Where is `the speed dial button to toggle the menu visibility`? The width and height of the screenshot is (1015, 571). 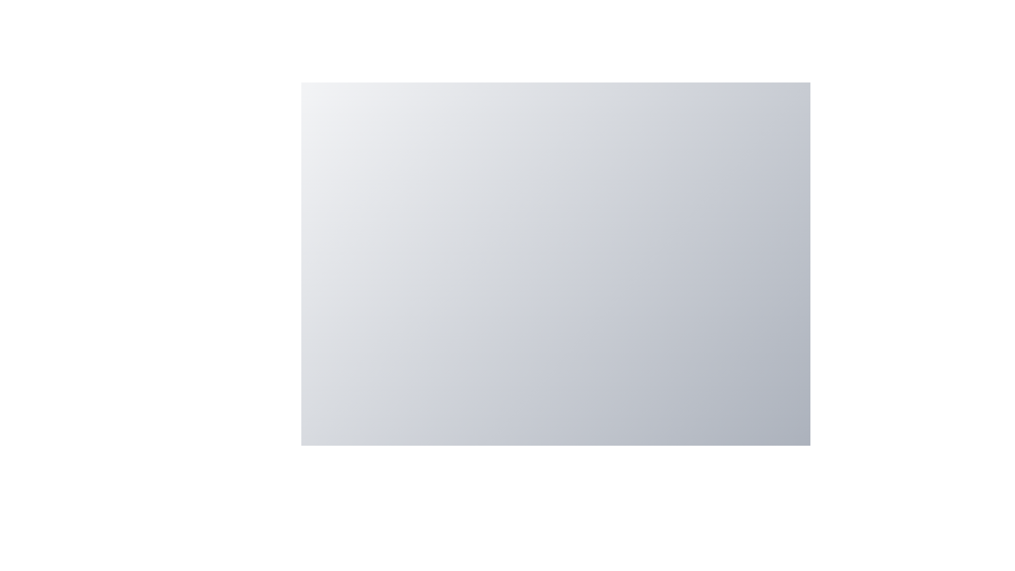 the speed dial button to toggle the menu visibility is located at coordinates (727, 475).